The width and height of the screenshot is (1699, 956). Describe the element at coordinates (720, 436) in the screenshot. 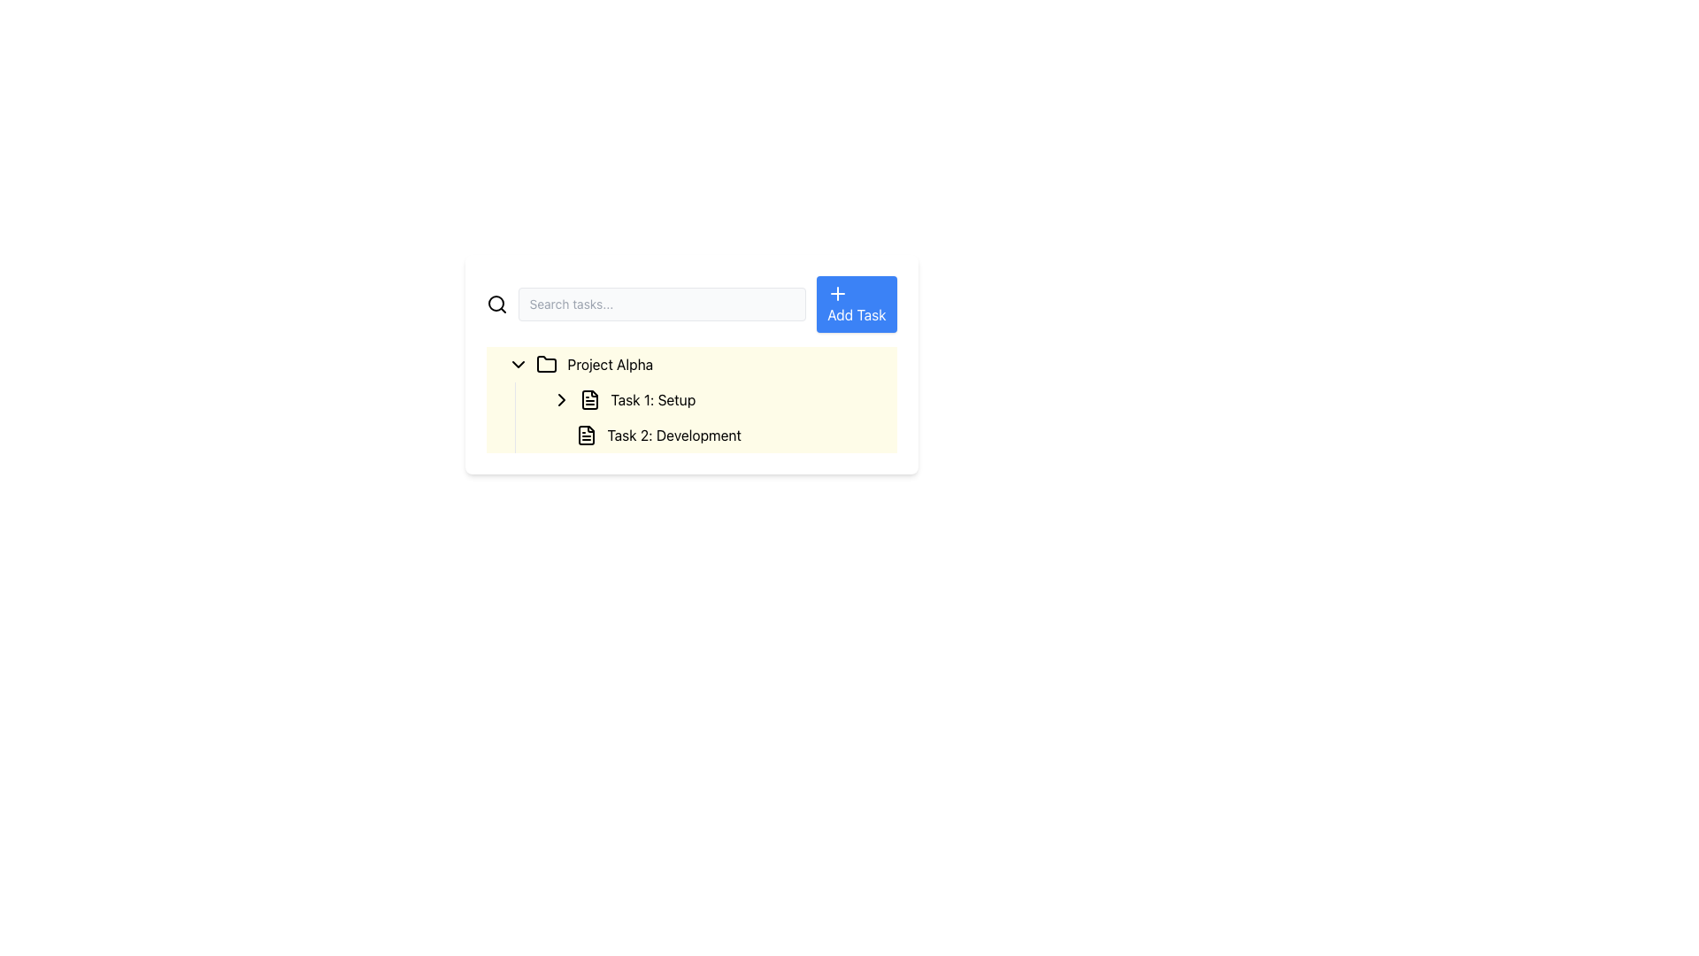

I see `the label reading 'Task 2: Development' with a document icon` at that location.